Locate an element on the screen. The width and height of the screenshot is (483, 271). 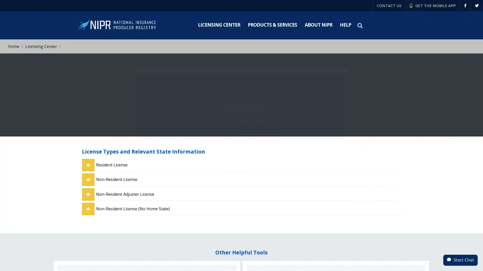
Non-Resident License is located at coordinates (249, 179).